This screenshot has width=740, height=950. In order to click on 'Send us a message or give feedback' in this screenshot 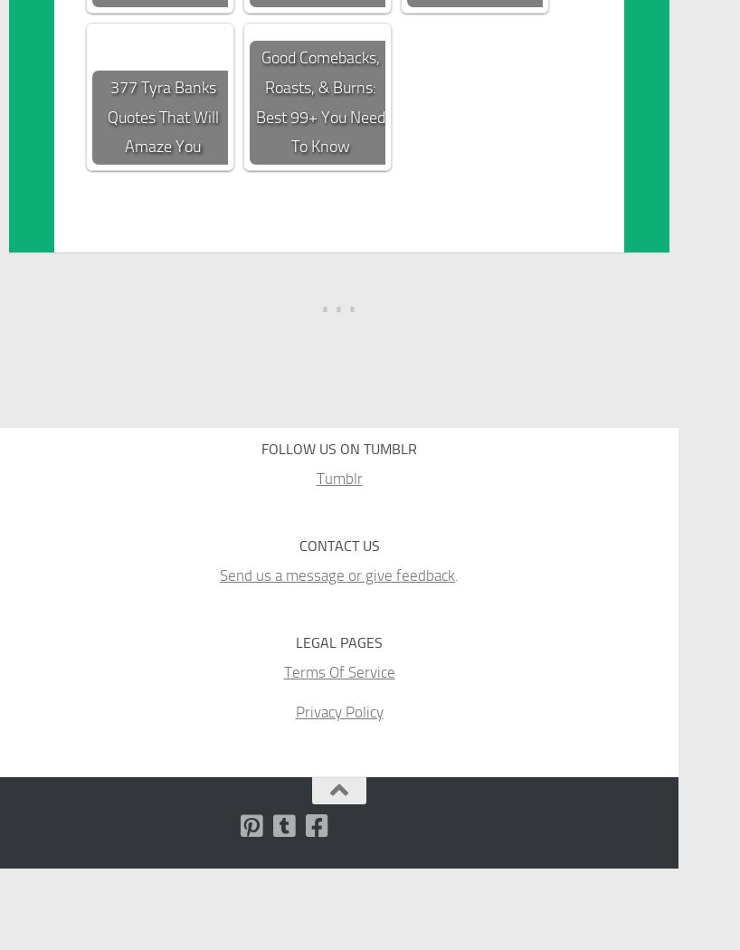, I will do `click(337, 575)`.